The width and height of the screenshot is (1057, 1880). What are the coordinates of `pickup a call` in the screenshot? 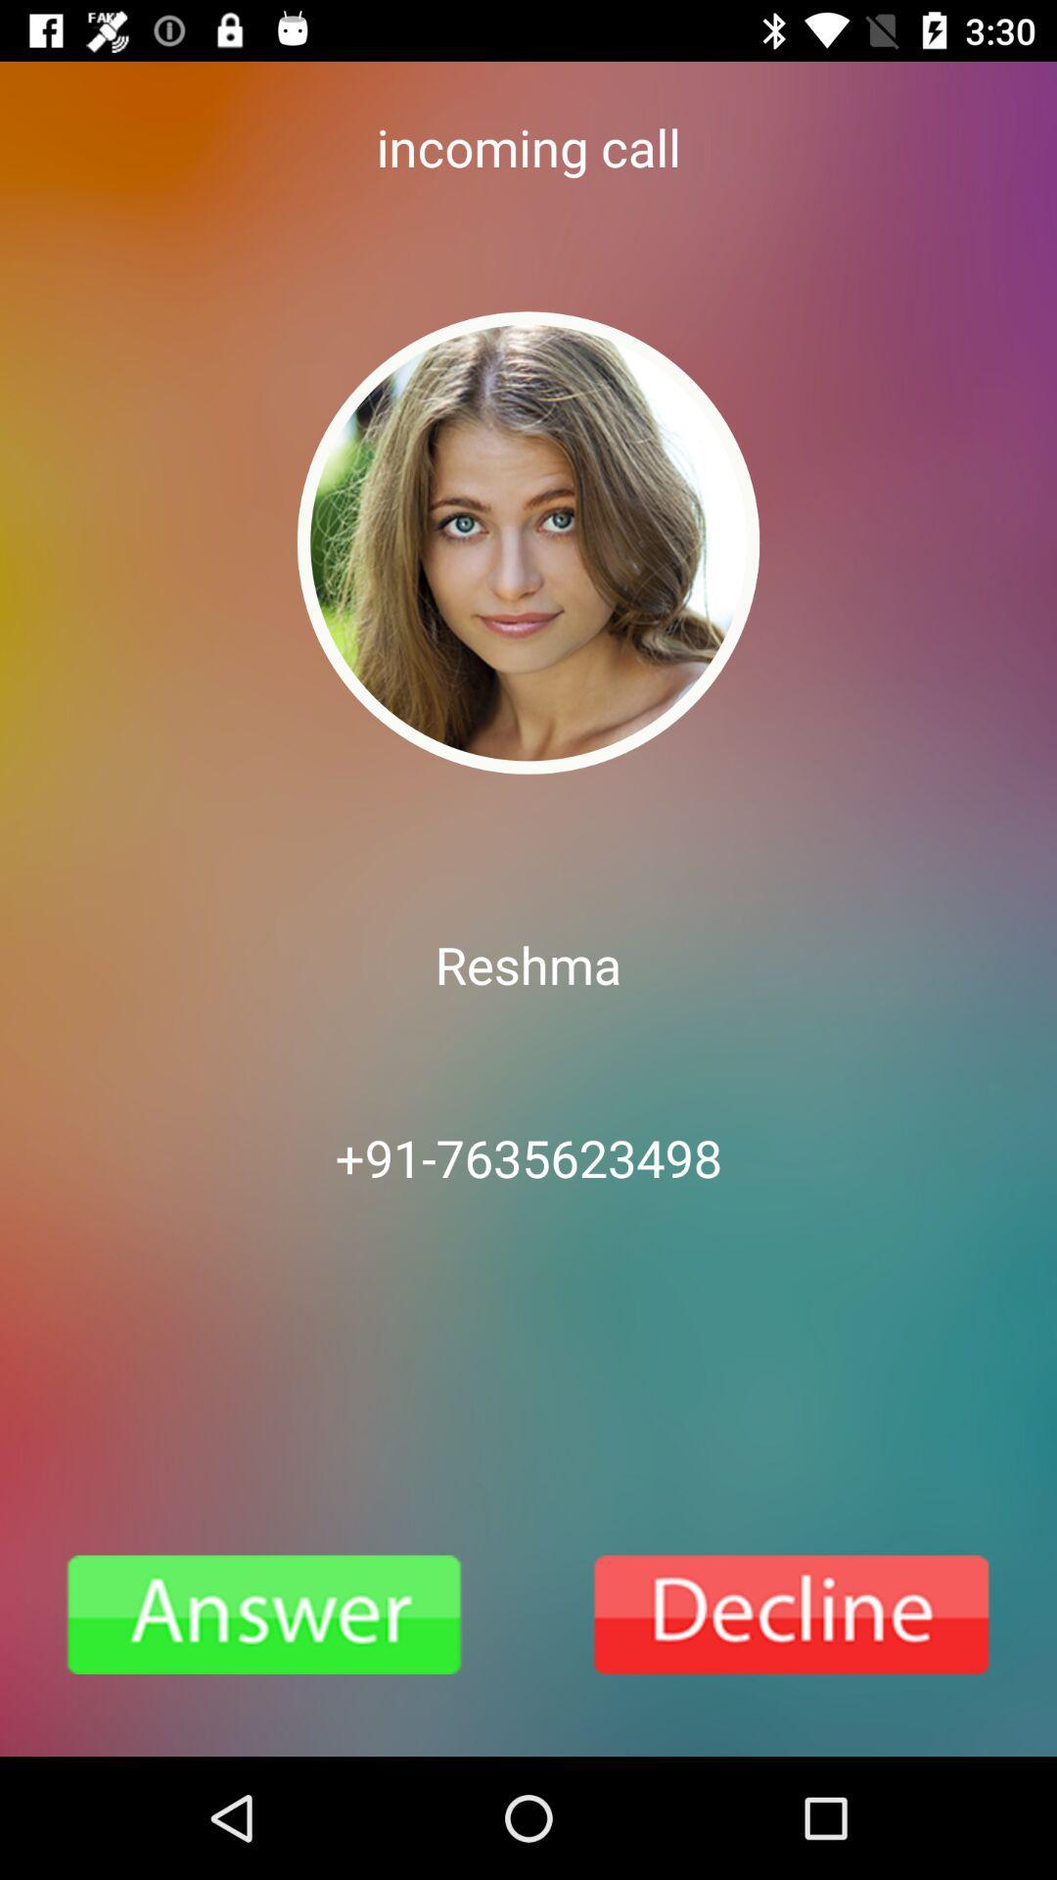 It's located at (264, 1615).